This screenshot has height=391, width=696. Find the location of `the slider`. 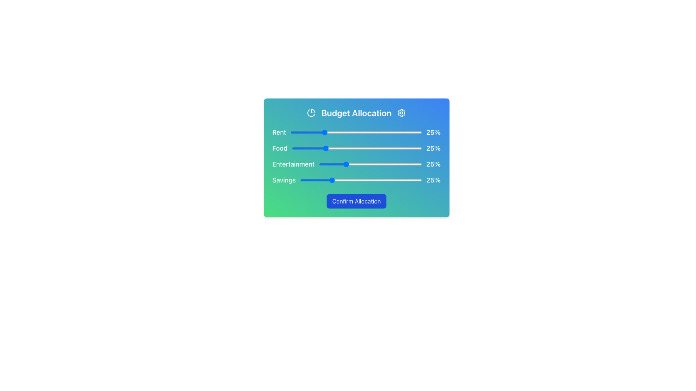

the slider is located at coordinates (359, 148).